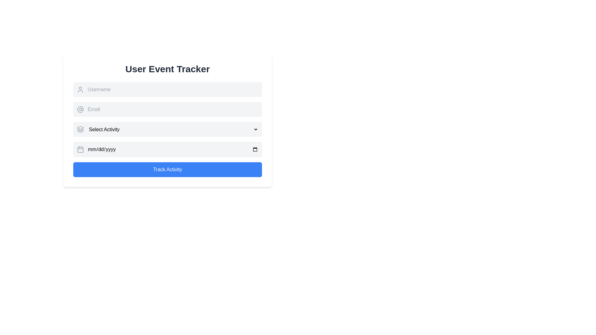 The width and height of the screenshot is (596, 335). Describe the element at coordinates (167, 170) in the screenshot. I see `the button located at the bottom of the vertical form layout to trigger hover styling` at that location.